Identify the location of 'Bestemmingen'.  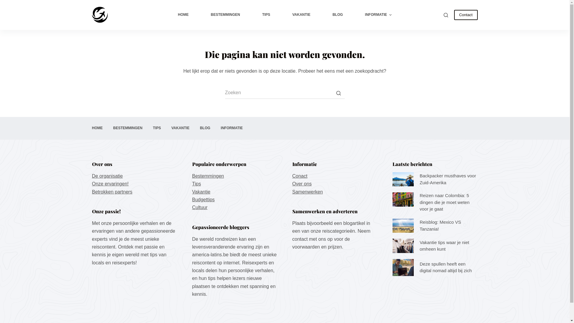
(208, 176).